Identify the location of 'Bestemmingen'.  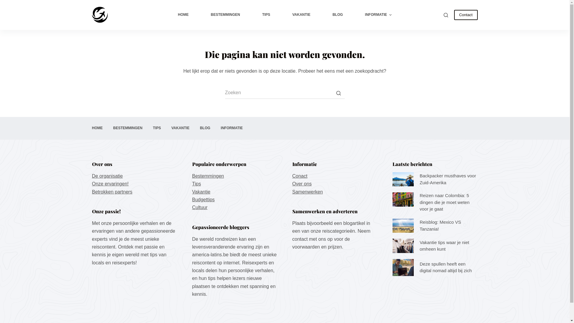
(208, 176).